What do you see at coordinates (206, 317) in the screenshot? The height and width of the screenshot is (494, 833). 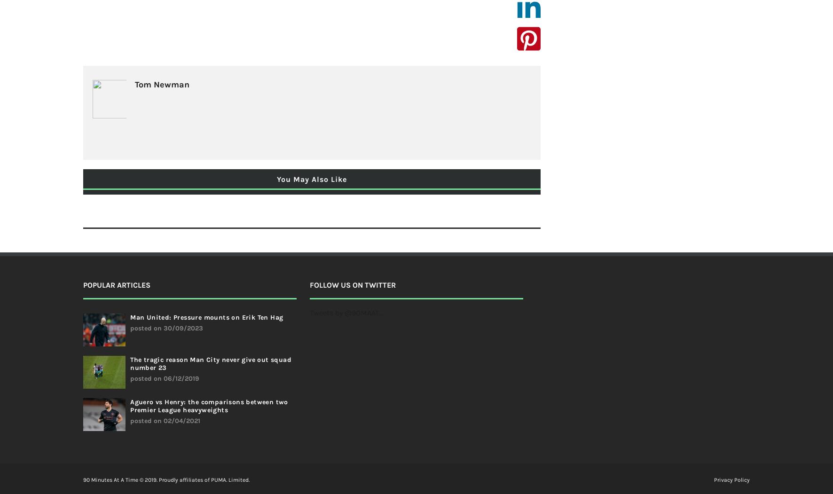 I see `'Man United: Pressure mounts on Erik Ten Hag'` at bounding box center [206, 317].